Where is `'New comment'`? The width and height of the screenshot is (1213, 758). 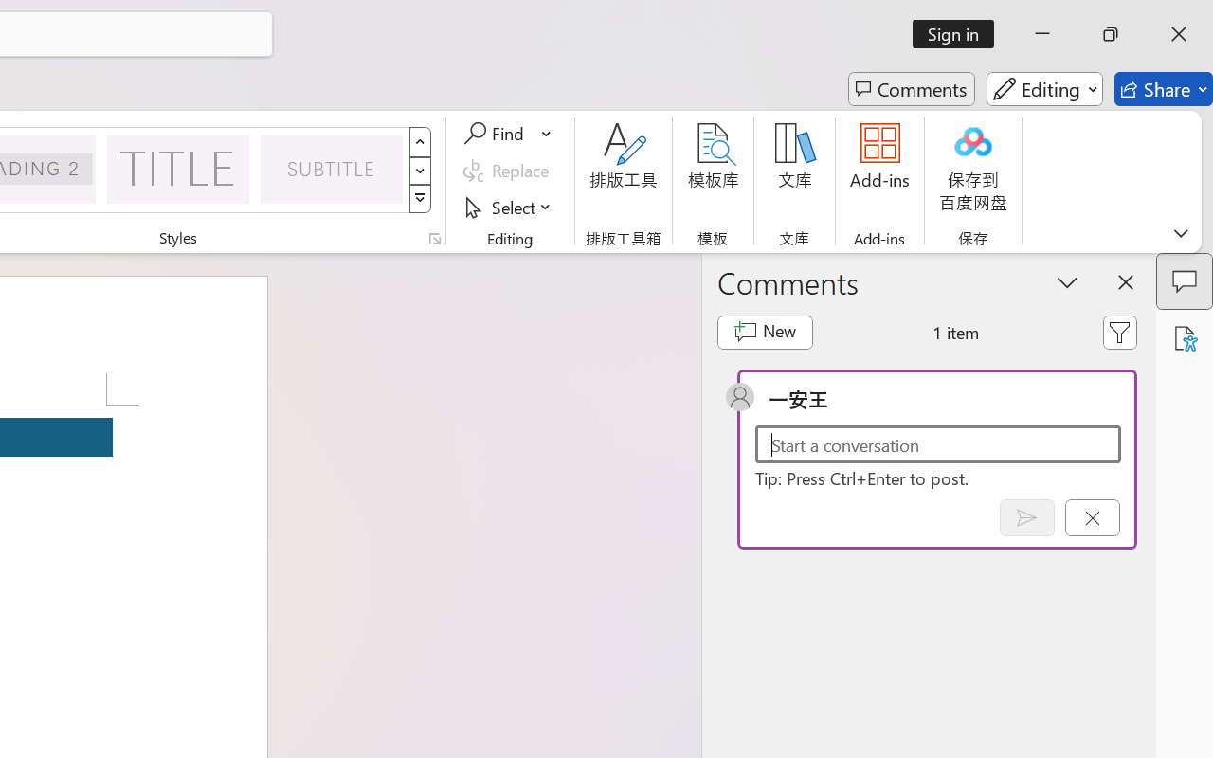 'New comment' is located at coordinates (765, 332).